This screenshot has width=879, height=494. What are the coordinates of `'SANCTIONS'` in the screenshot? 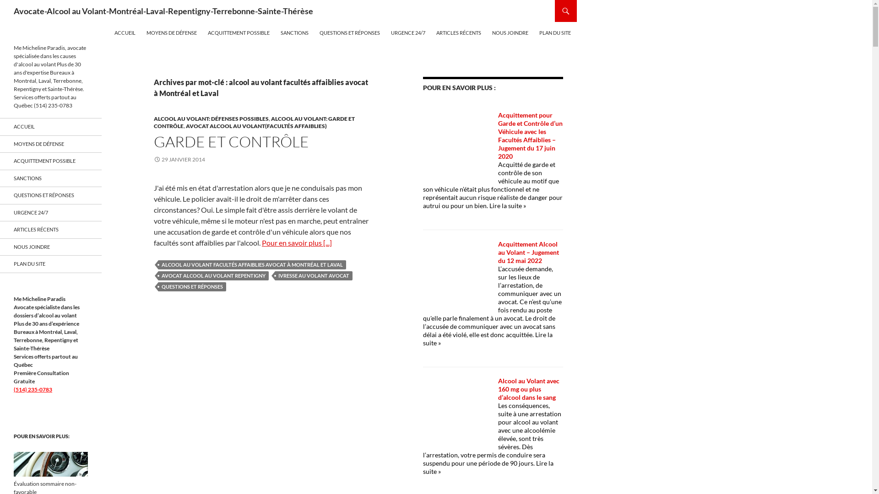 It's located at (294, 32).